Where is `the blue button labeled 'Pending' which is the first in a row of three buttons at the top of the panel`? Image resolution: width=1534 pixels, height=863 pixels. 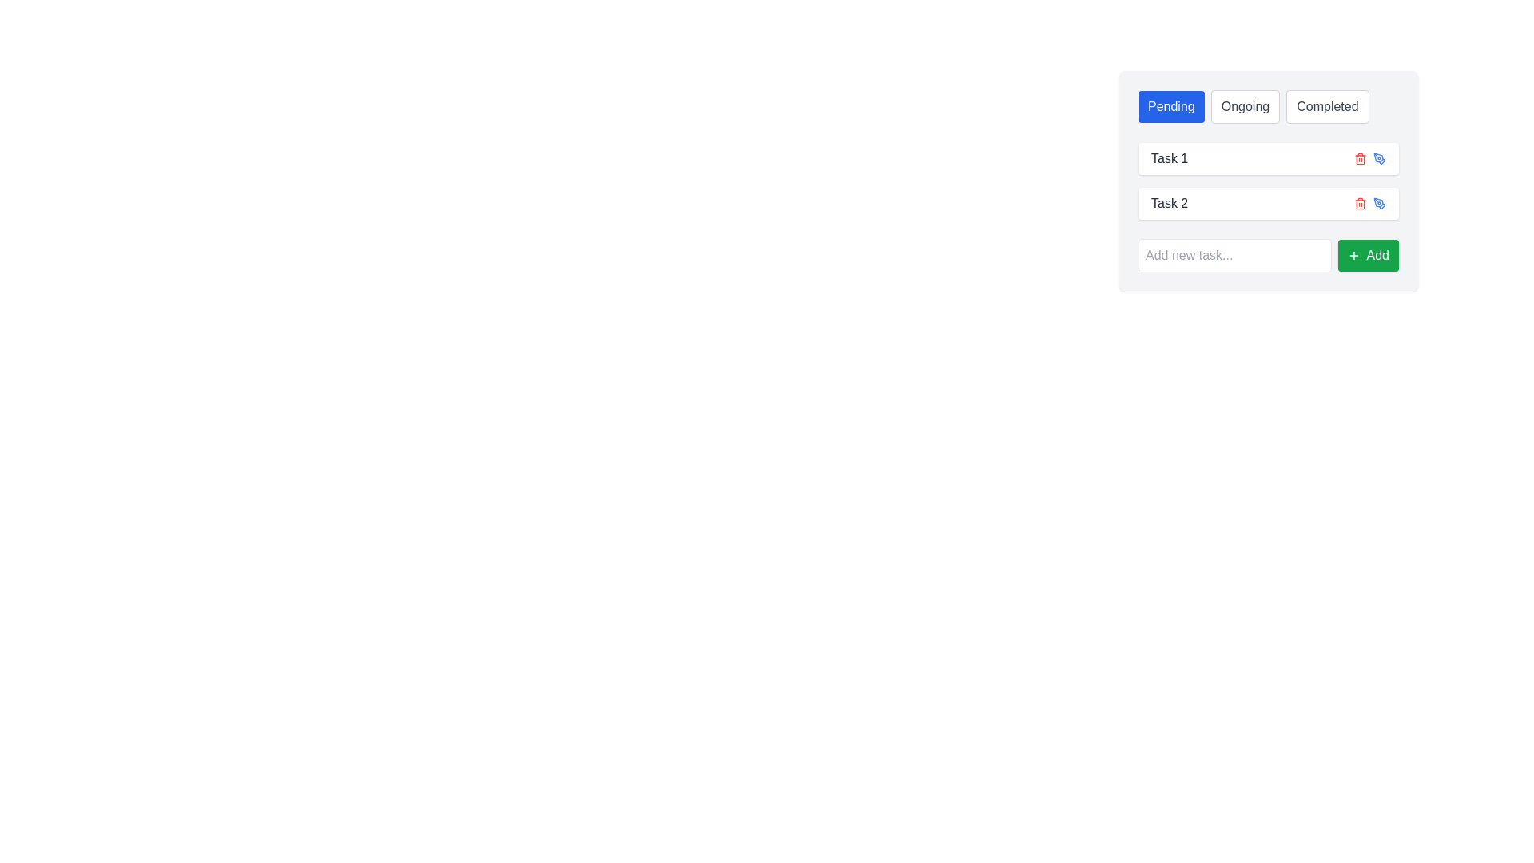
the blue button labeled 'Pending' which is the first in a row of three buttons at the top of the panel is located at coordinates (1171, 107).